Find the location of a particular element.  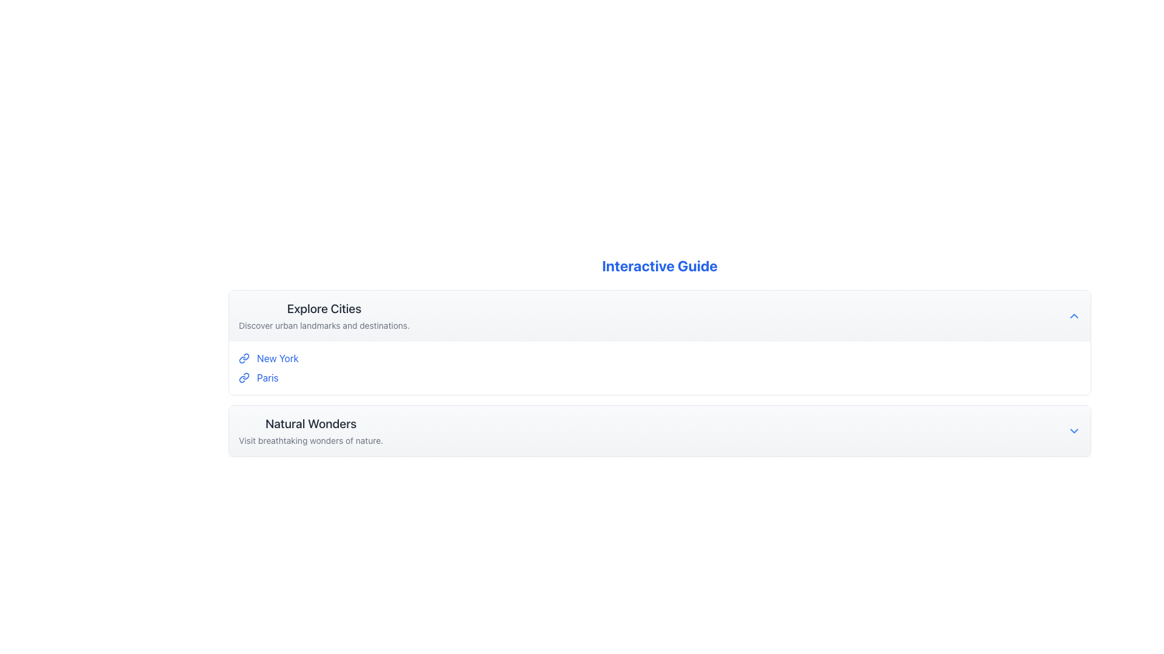

text content of the Label with the heading 'Natural Wonders' and subheading 'Visit breathtaking wonders of nature.' is located at coordinates (311, 431).